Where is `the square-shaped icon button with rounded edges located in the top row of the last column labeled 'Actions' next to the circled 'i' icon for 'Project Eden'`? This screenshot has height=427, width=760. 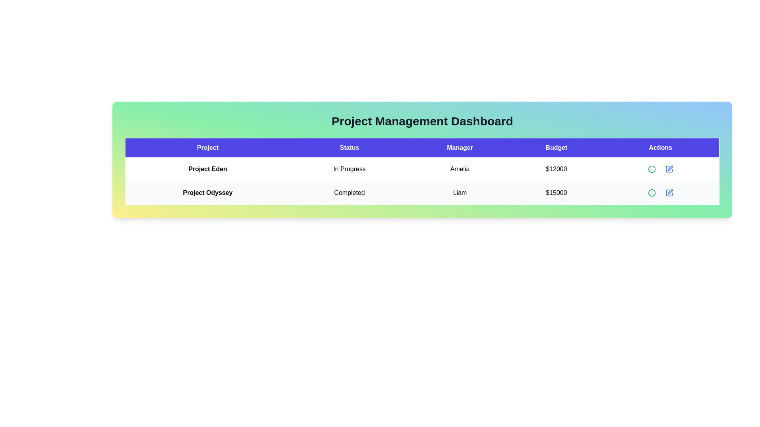 the square-shaped icon button with rounded edges located in the top row of the last column labeled 'Actions' next to the circled 'i' icon for 'Project Eden' is located at coordinates (669, 169).